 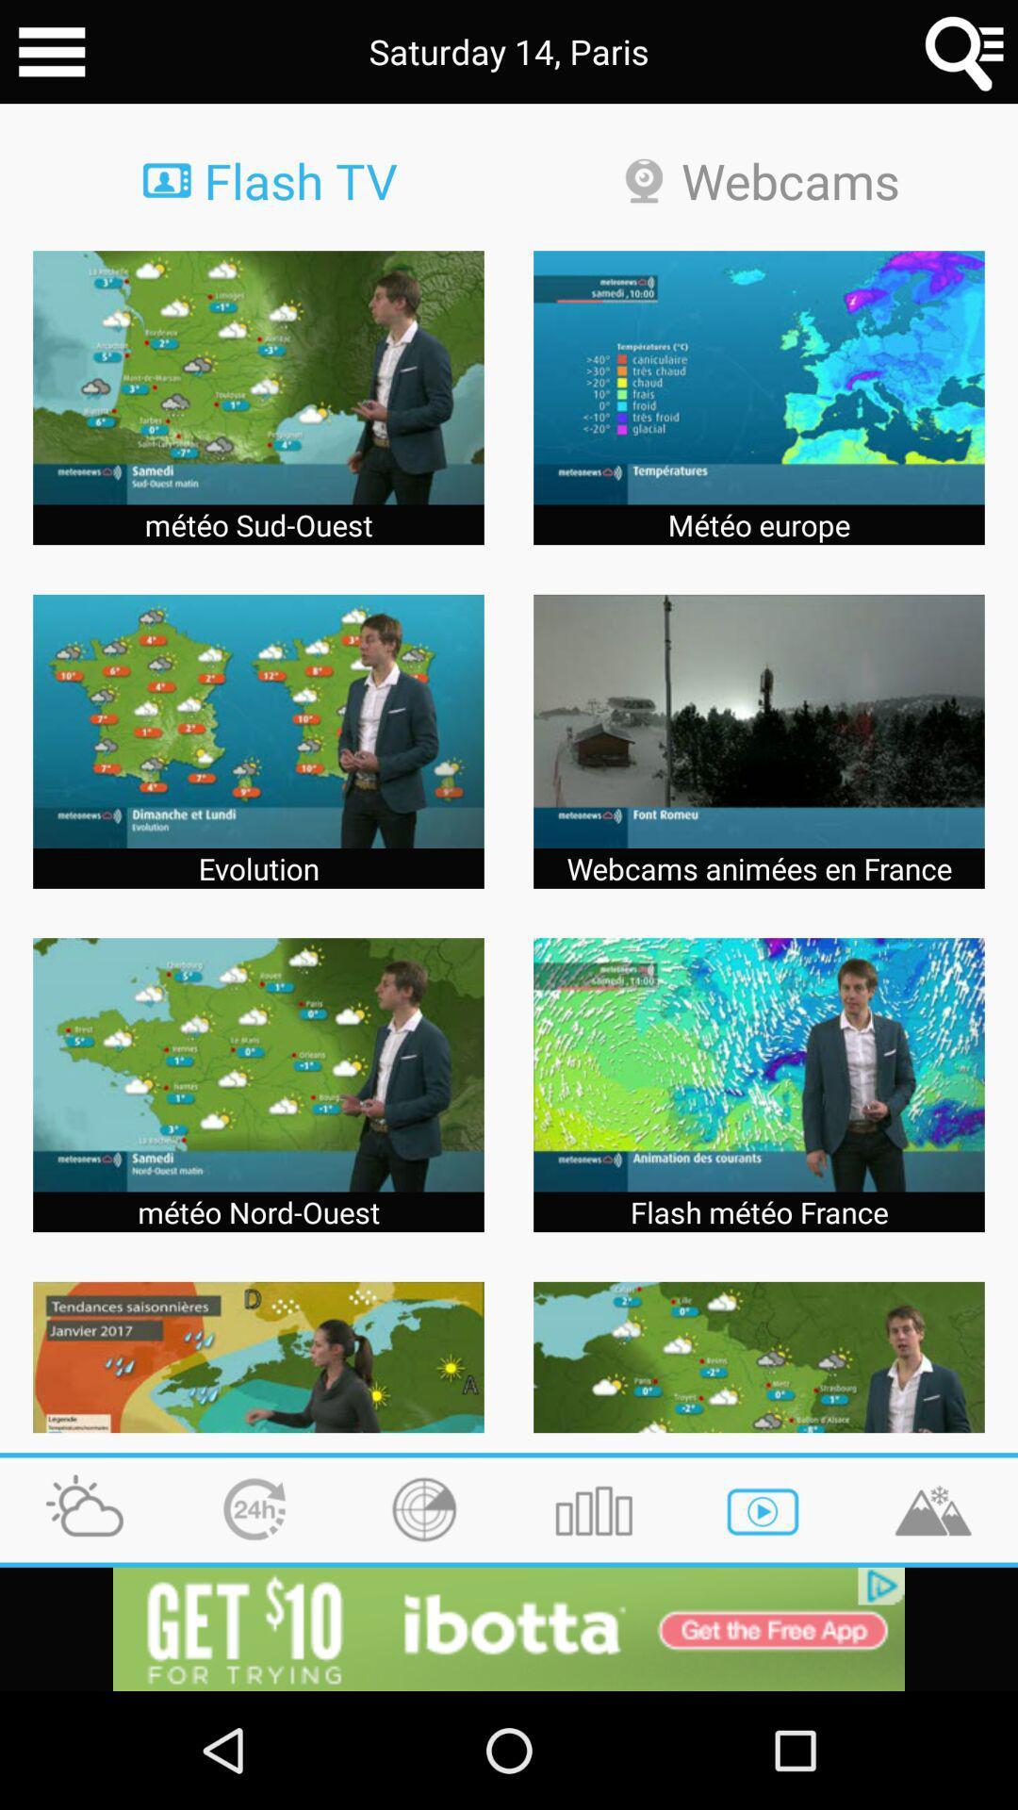 What do you see at coordinates (509, 1628) in the screenshot?
I see `advertisement` at bounding box center [509, 1628].